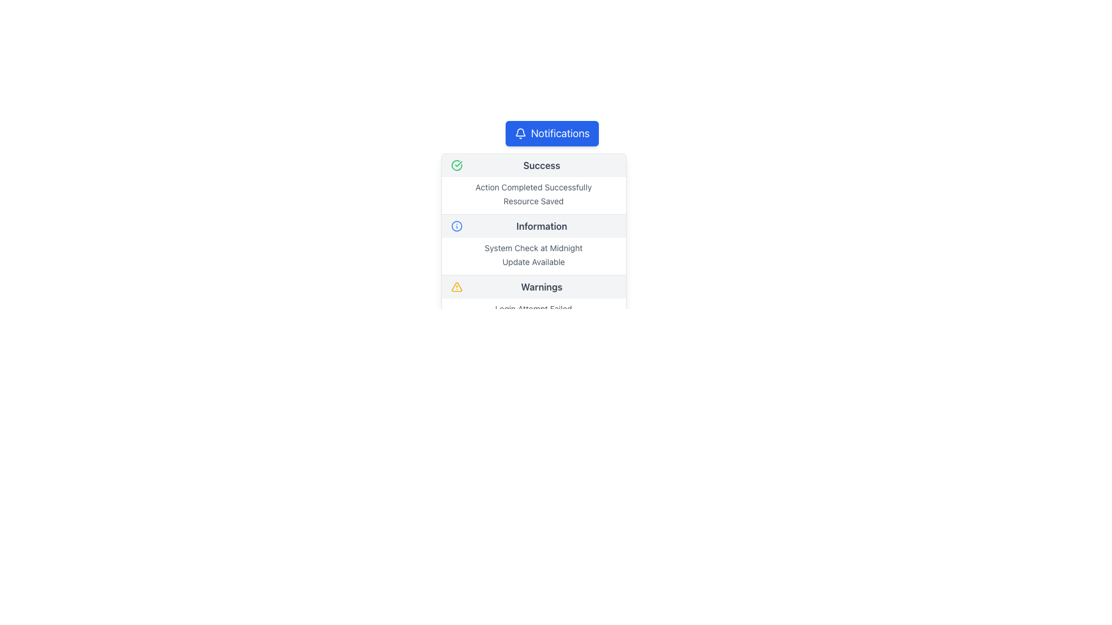  What do you see at coordinates (520, 133) in the screenshot?
I see `the bell icon located to the left of the 'Notifications' text within the blue button at the top-left area of the interface` at bounding box center [520, 133].